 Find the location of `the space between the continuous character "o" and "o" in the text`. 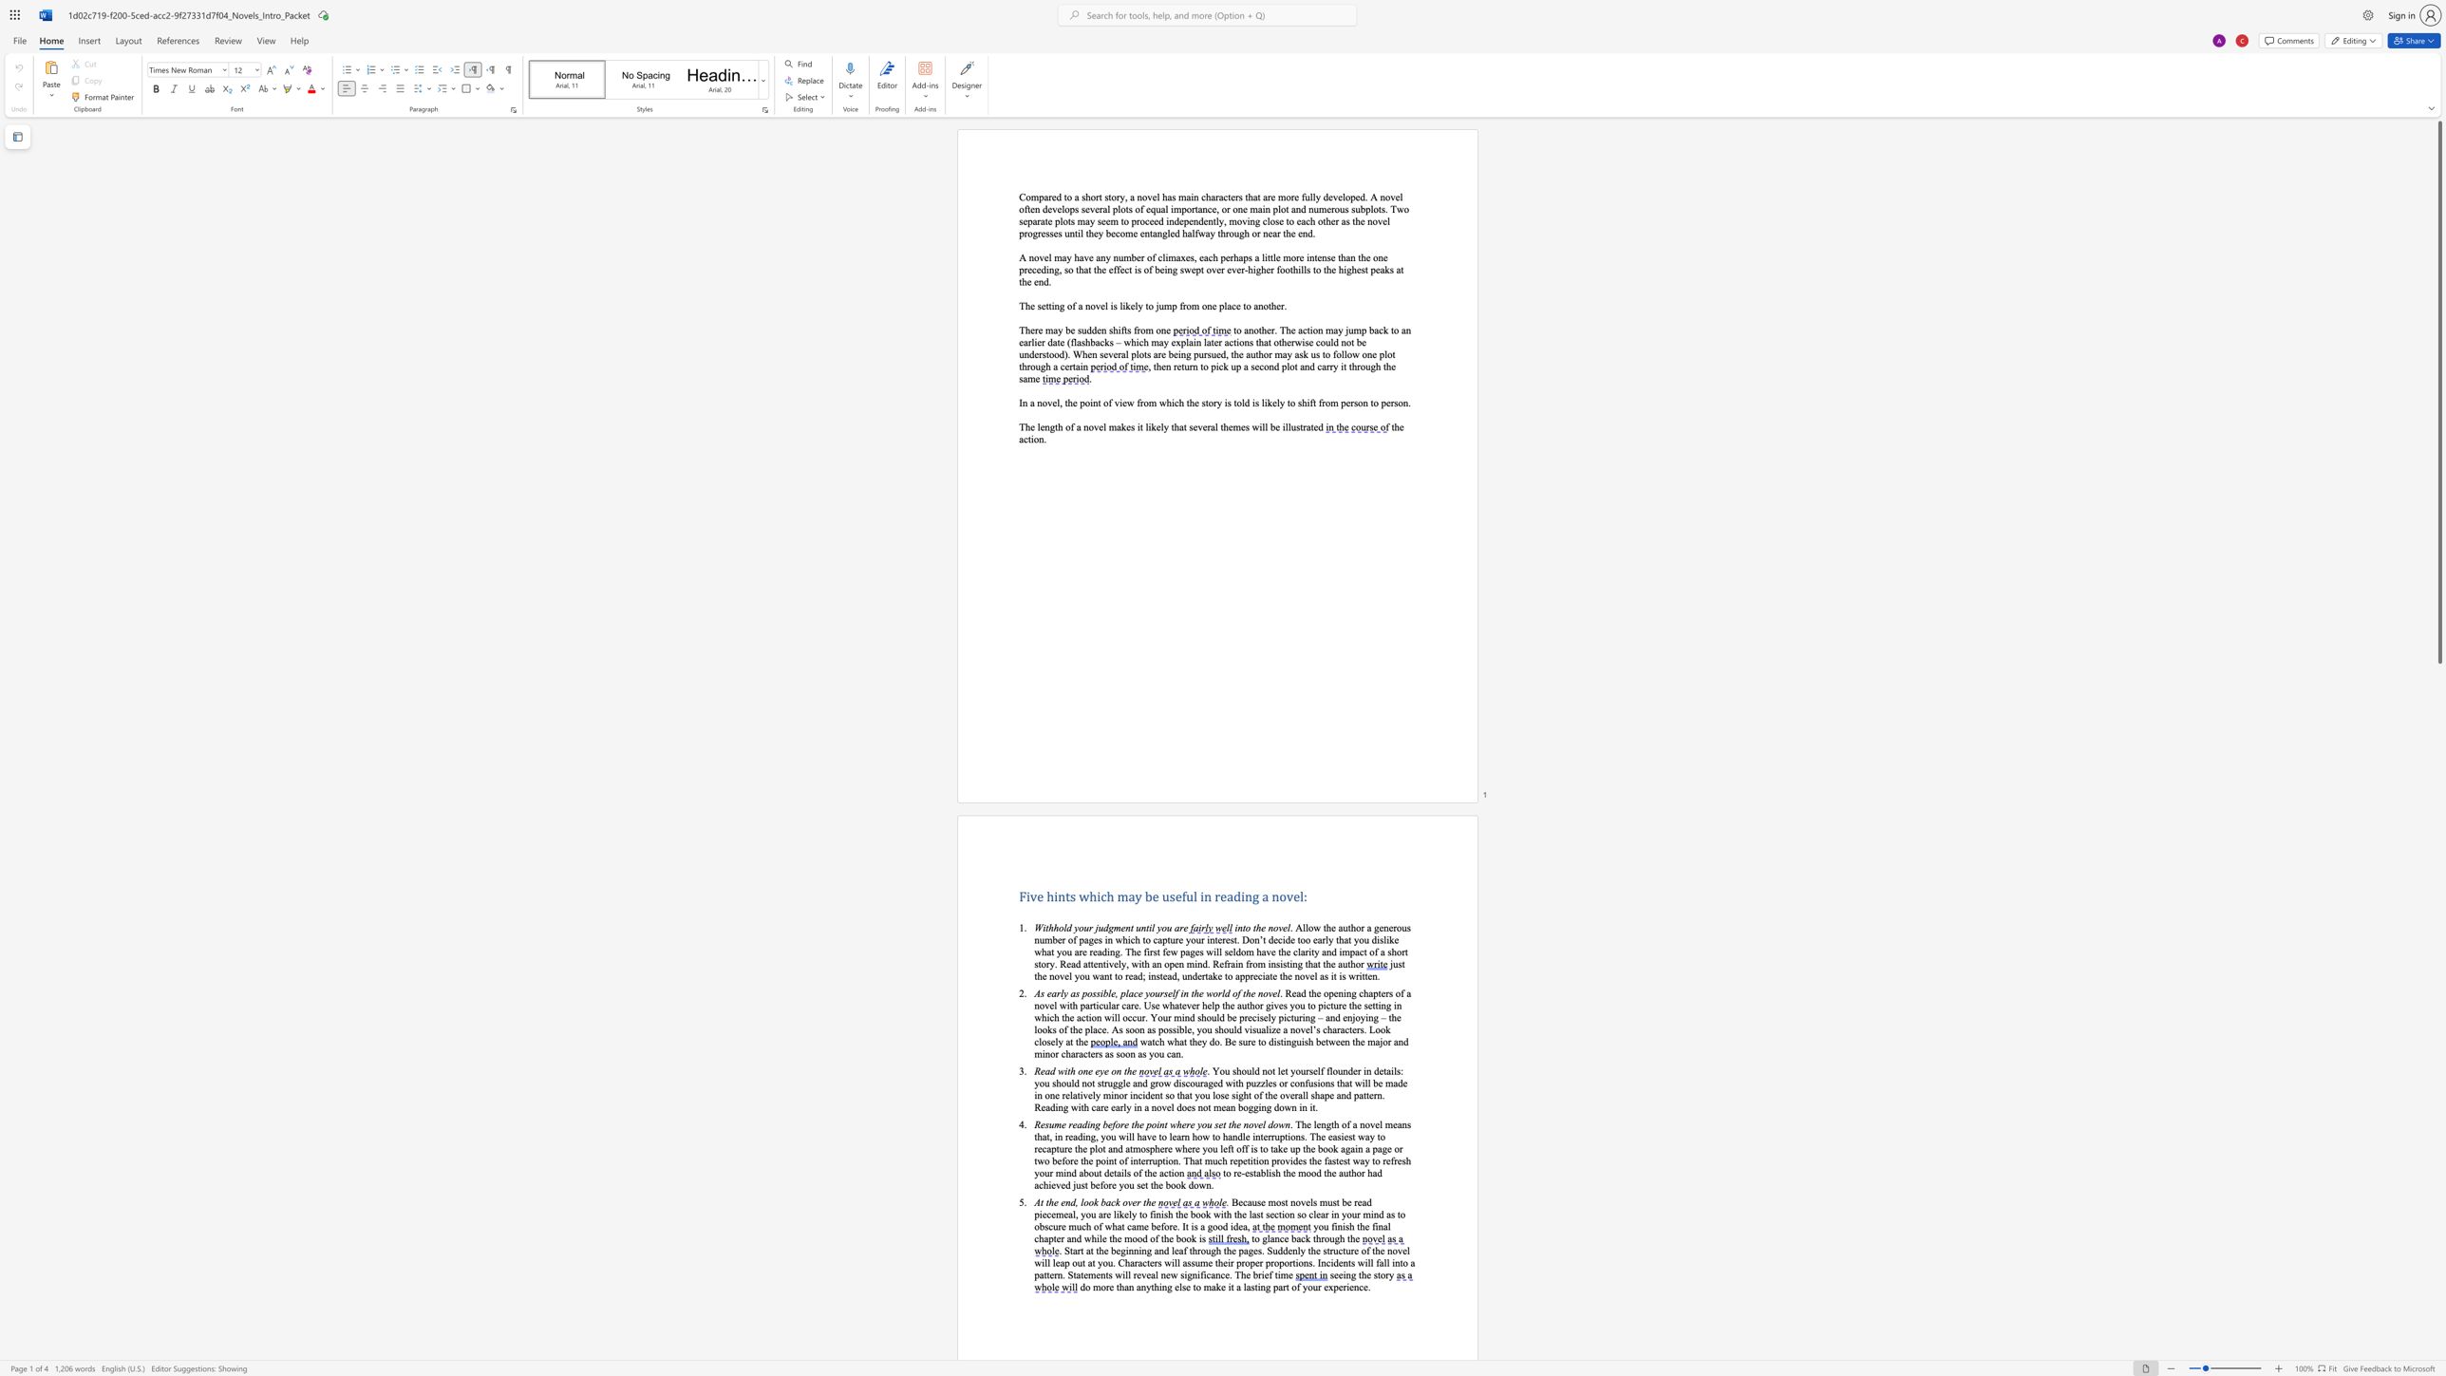

the space between the continuous character "o" and "o" in the text is located at coordinates (1216, 1226).